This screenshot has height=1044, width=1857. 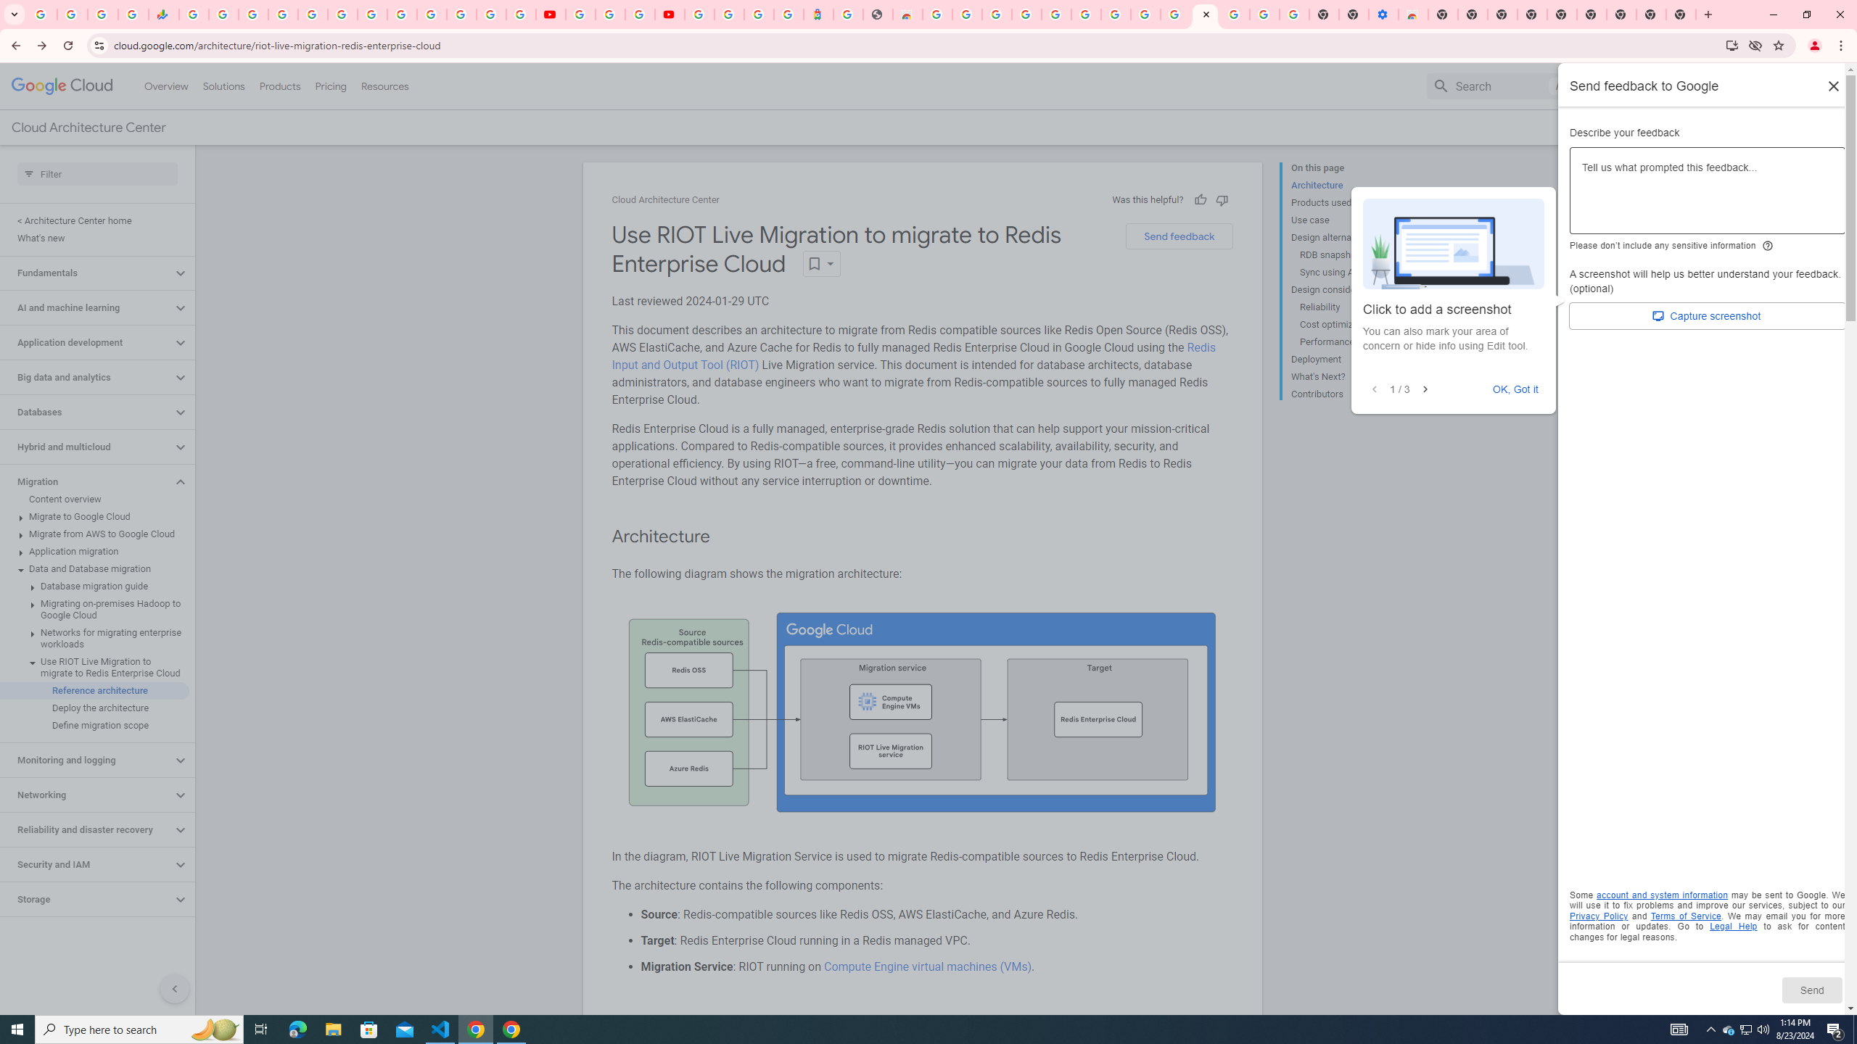 What do you see at coordinates (1354, 307) in the screenshot?
I see `'Reliability'` at bounding box center [1354, 307].